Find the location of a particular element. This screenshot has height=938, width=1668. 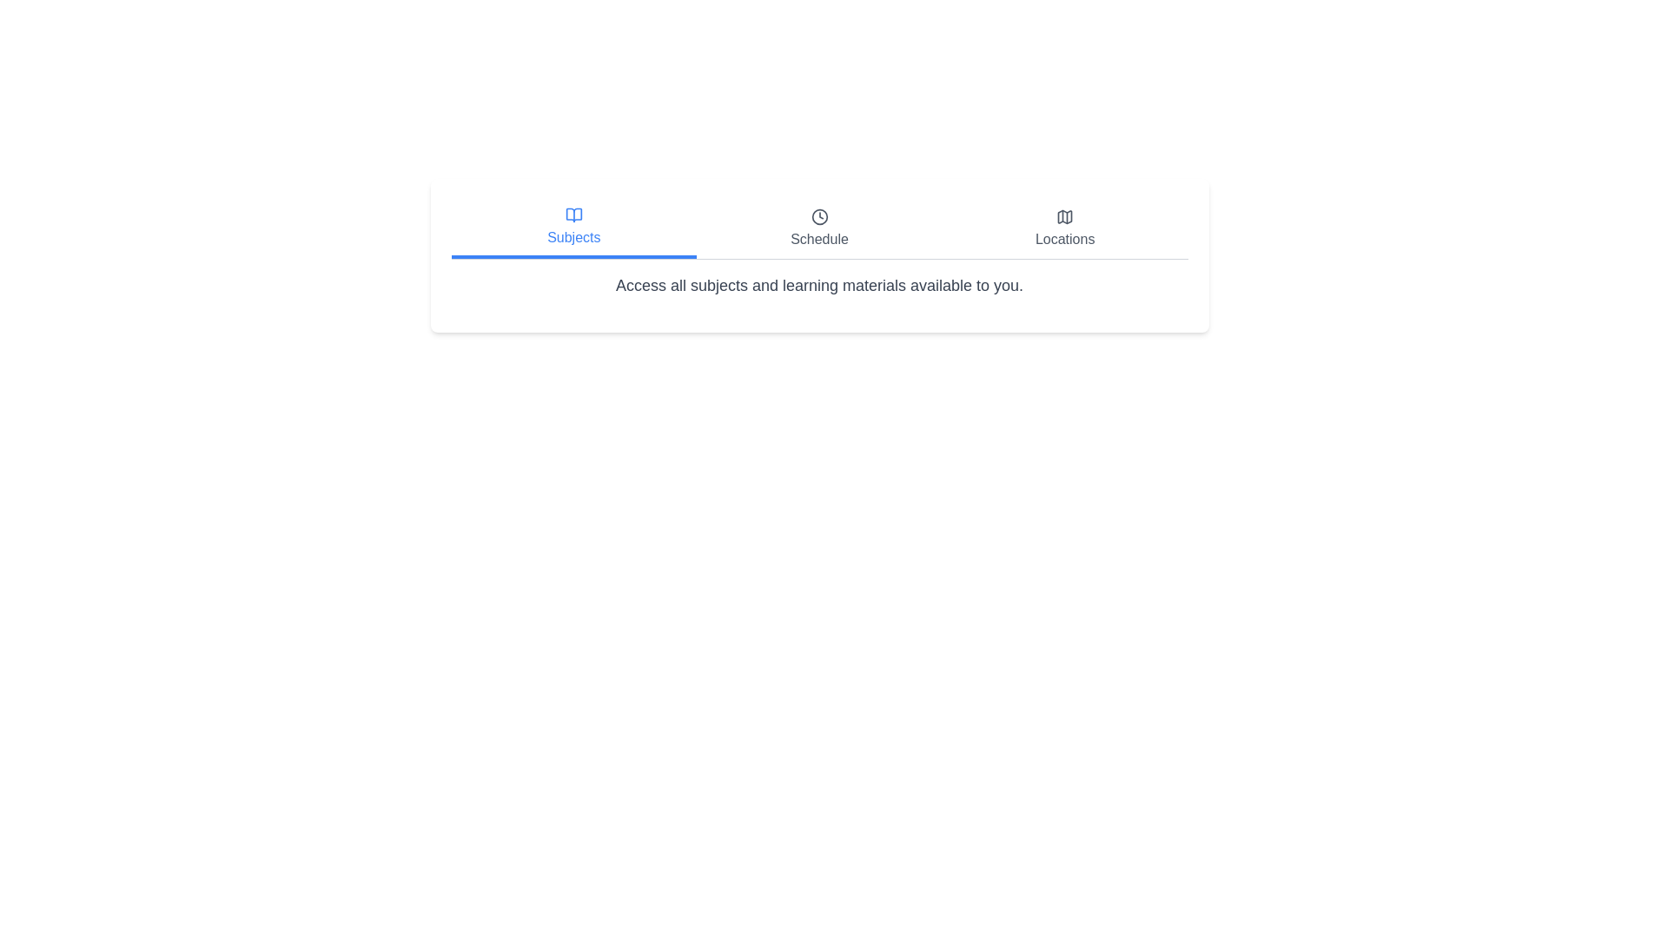

the Schedule tab is located at coordinates (818, 228).